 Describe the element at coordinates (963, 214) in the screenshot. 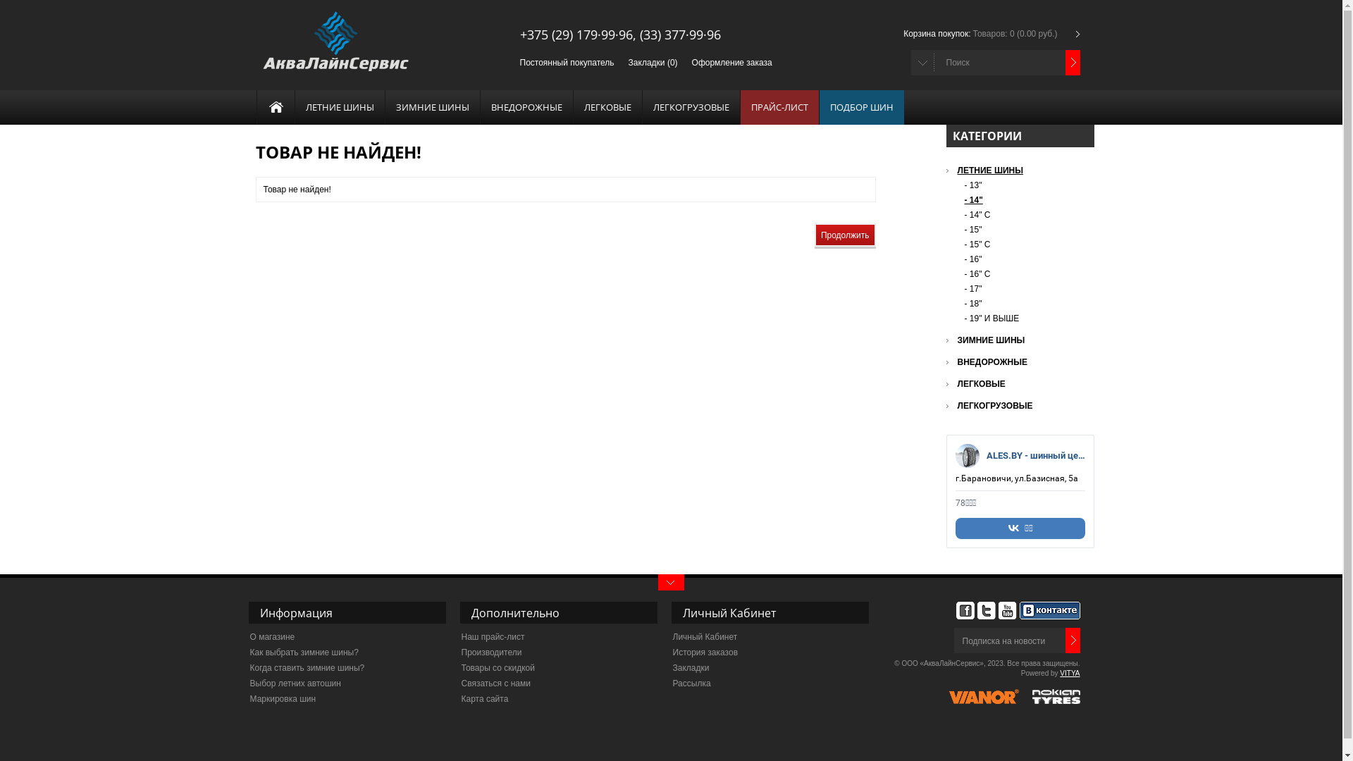

I see `'- 14" C'` at that location.